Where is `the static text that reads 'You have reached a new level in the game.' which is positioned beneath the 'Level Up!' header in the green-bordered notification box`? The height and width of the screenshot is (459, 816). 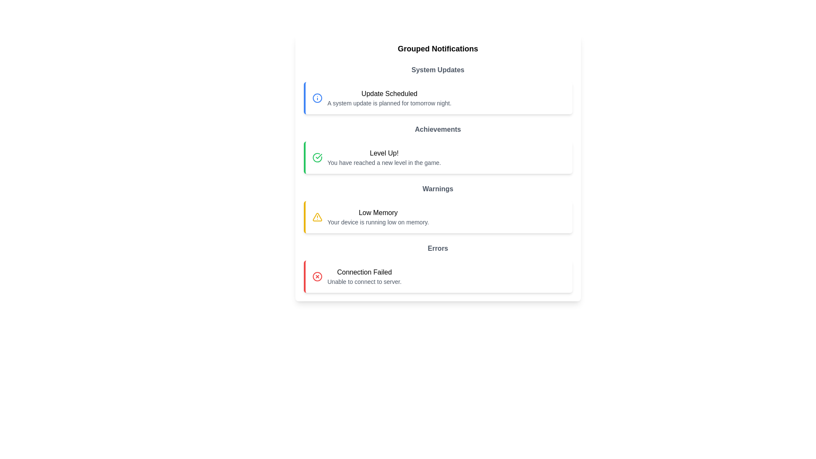
the static text that reads 'You have reached a new level in the game.' which is positioned beneath the 'Level Up!' header in the green-bordered notification box is located at coordinates (384, 162).